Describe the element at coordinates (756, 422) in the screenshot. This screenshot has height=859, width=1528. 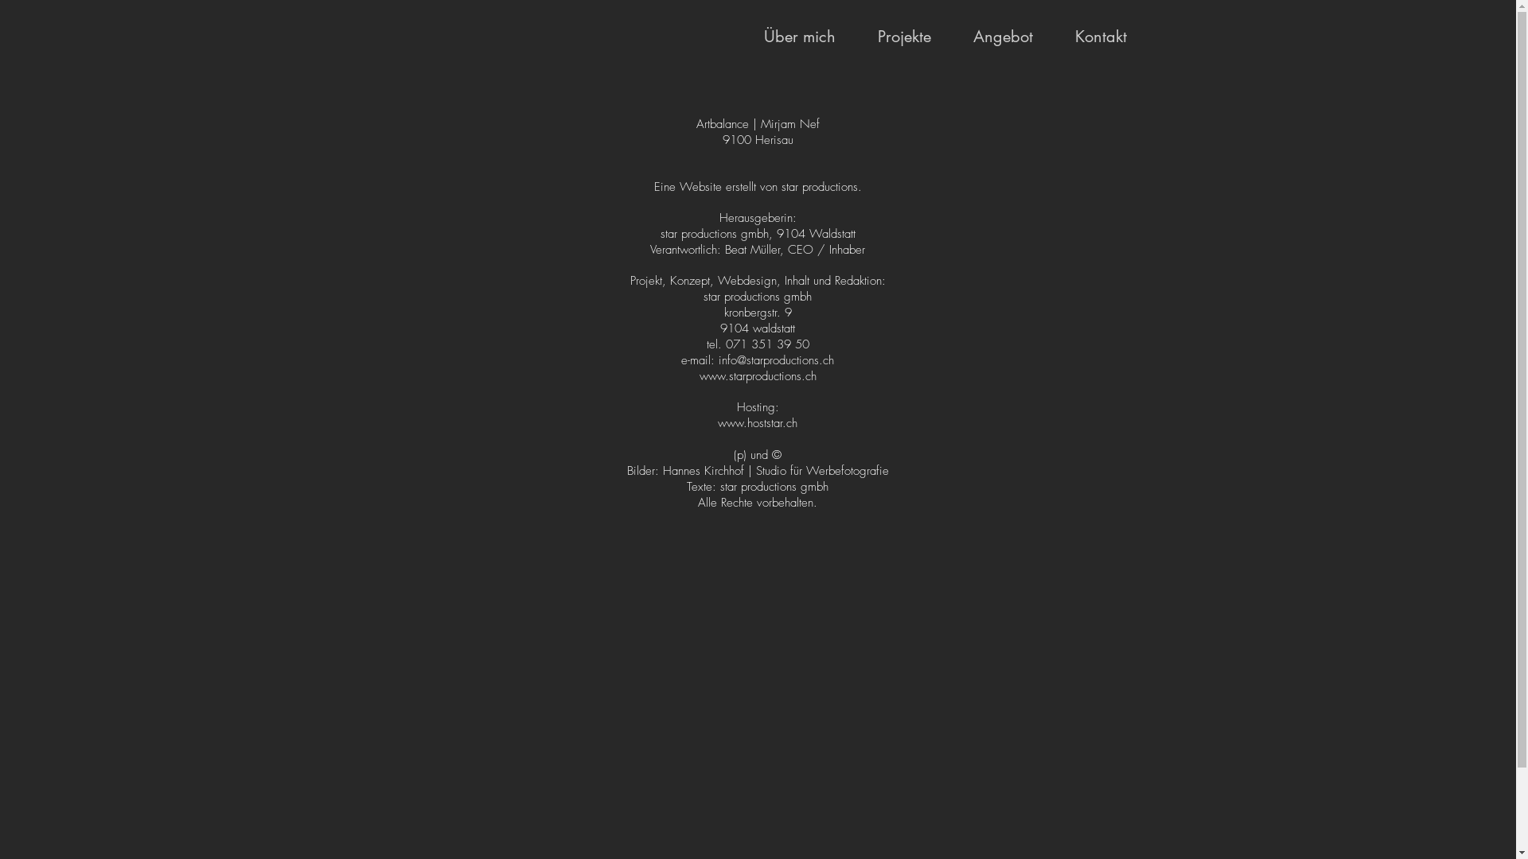
I see `'www.hoststar.ch'` at that location.